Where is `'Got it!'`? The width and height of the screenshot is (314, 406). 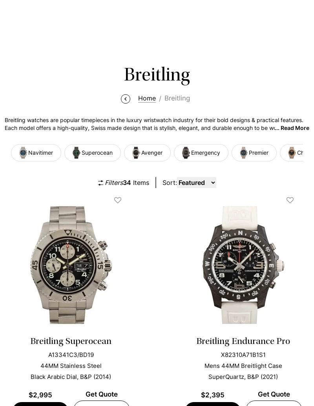 'Got it!' is located at coordinates (283, 375).